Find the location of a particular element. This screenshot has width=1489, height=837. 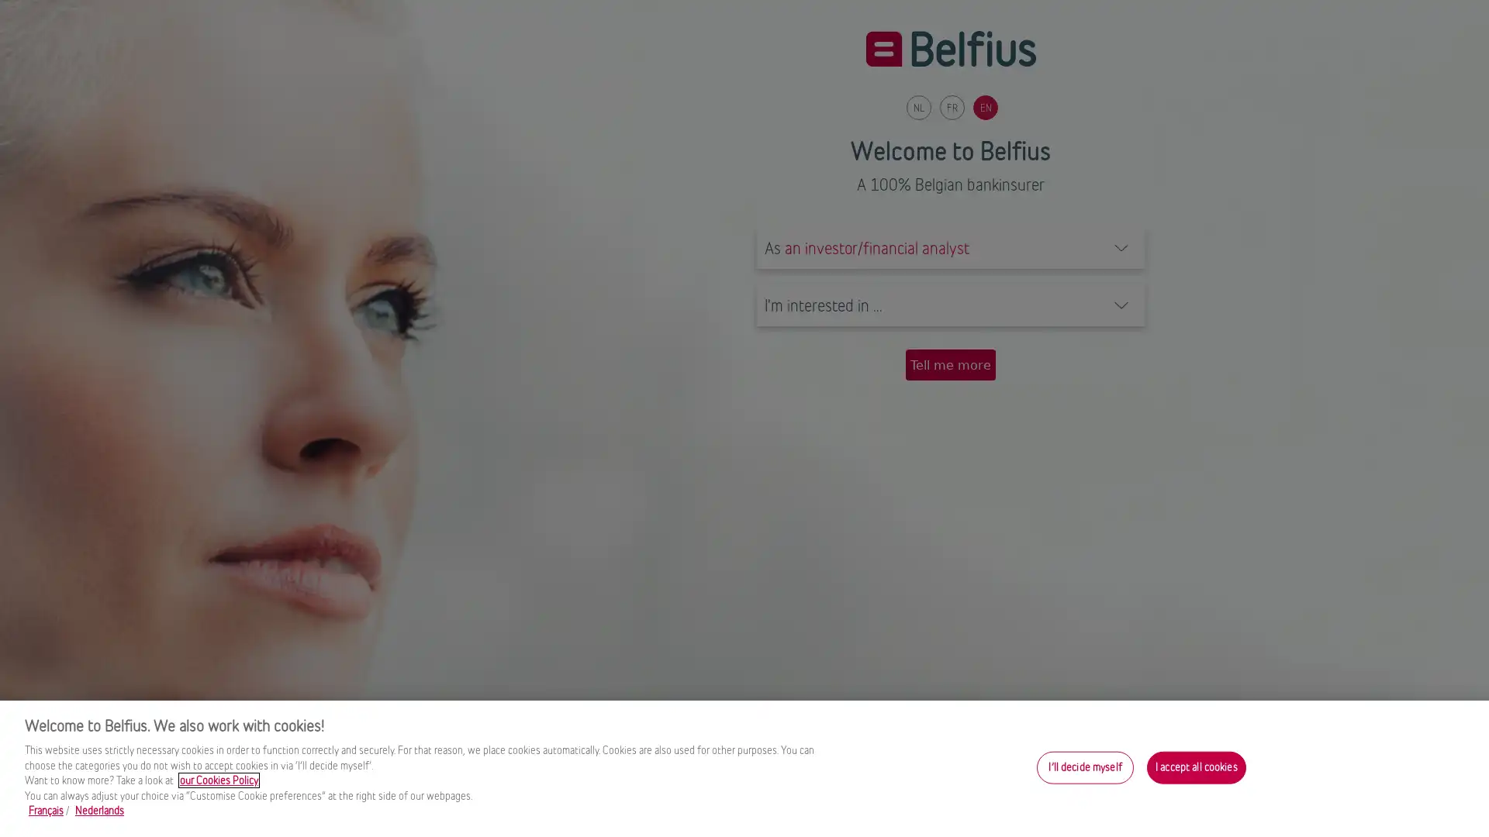

Tell me more is located at coordinates (949, 364).